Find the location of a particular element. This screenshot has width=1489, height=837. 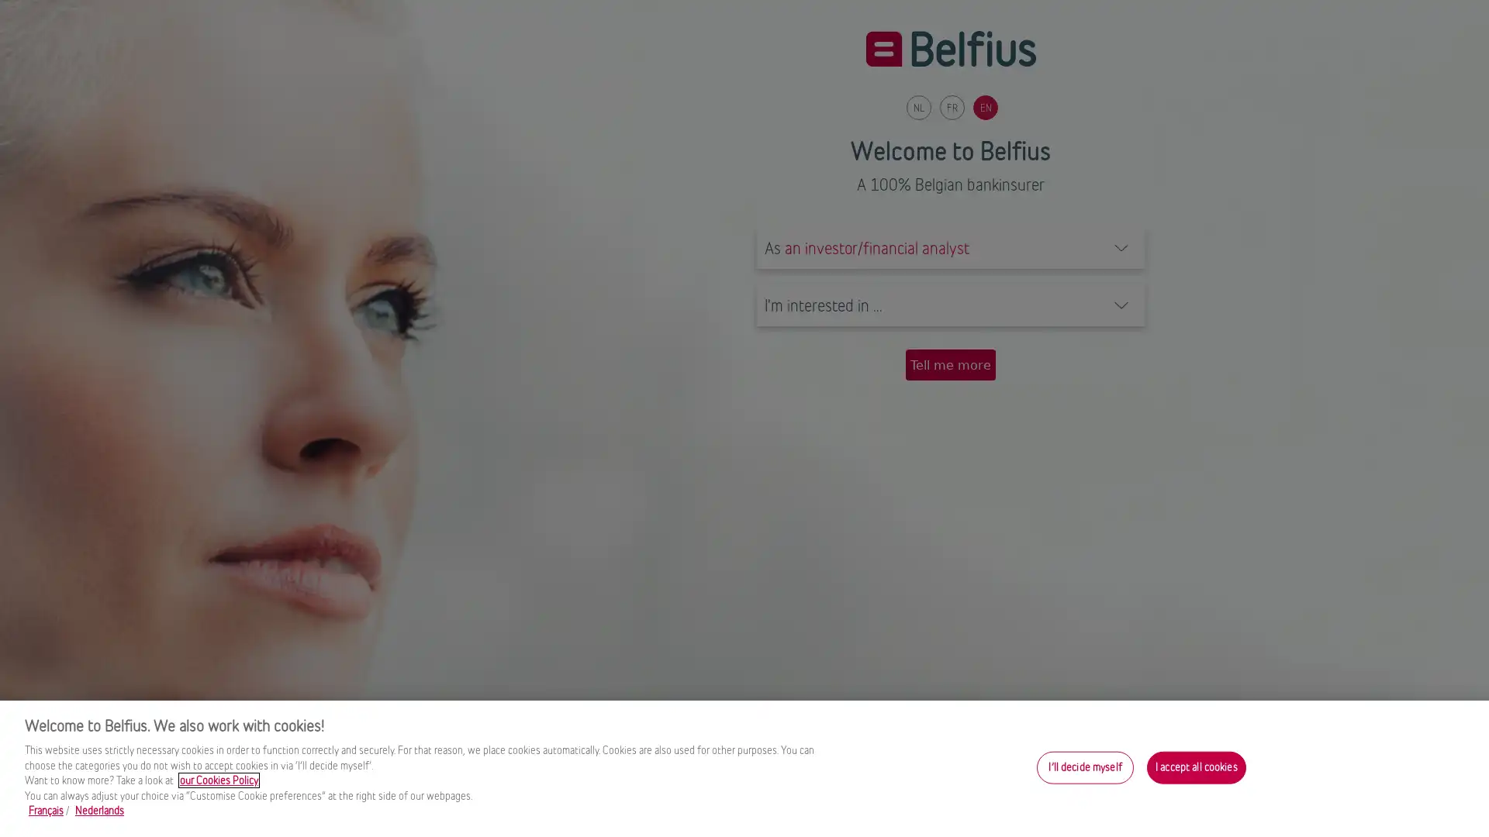

Tell me more is located at coordinates (949, 364).